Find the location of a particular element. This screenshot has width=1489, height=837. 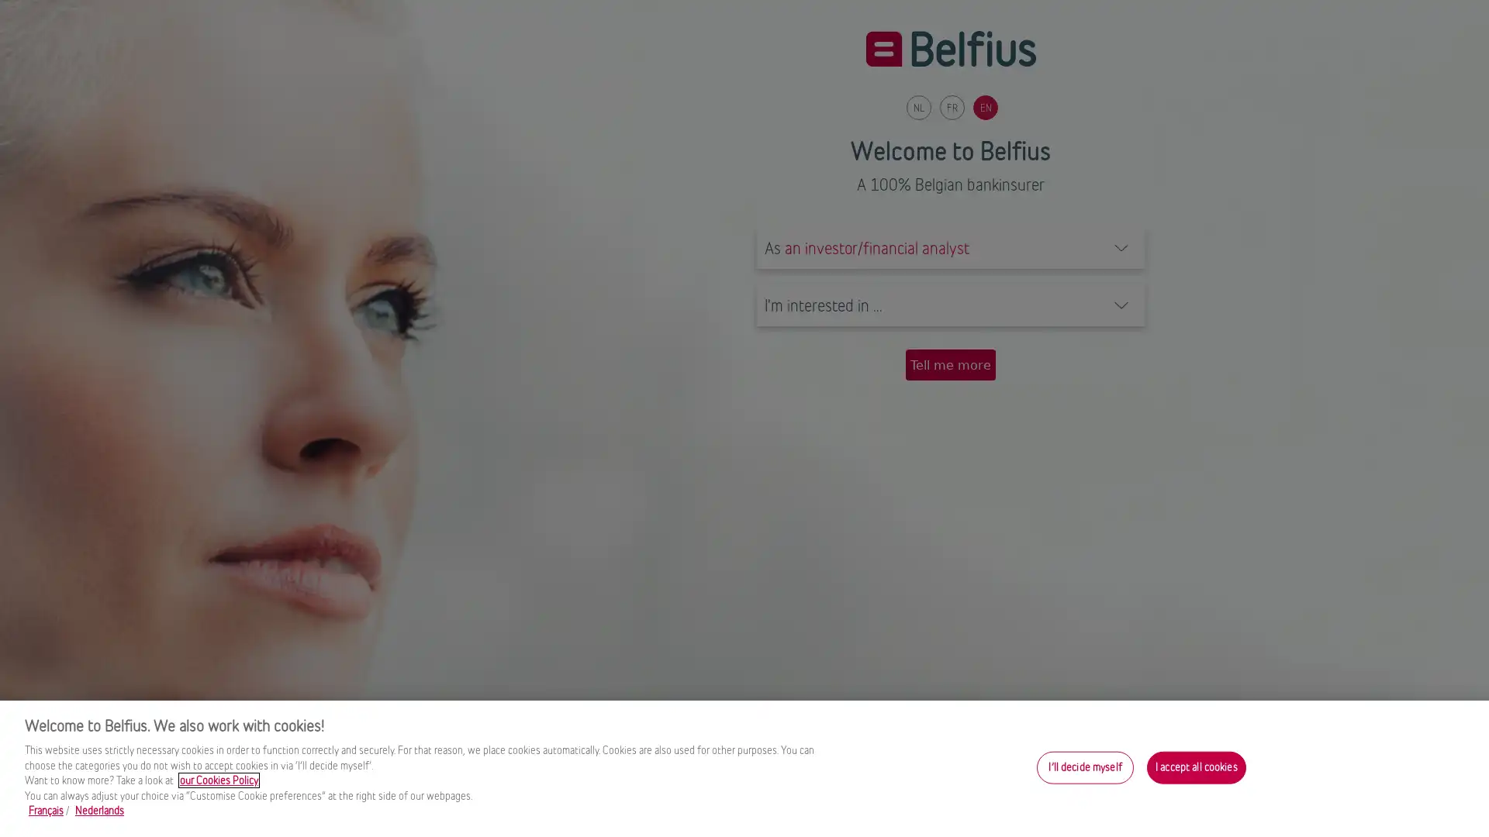

Tell me more is located at coordinates (949, 364).